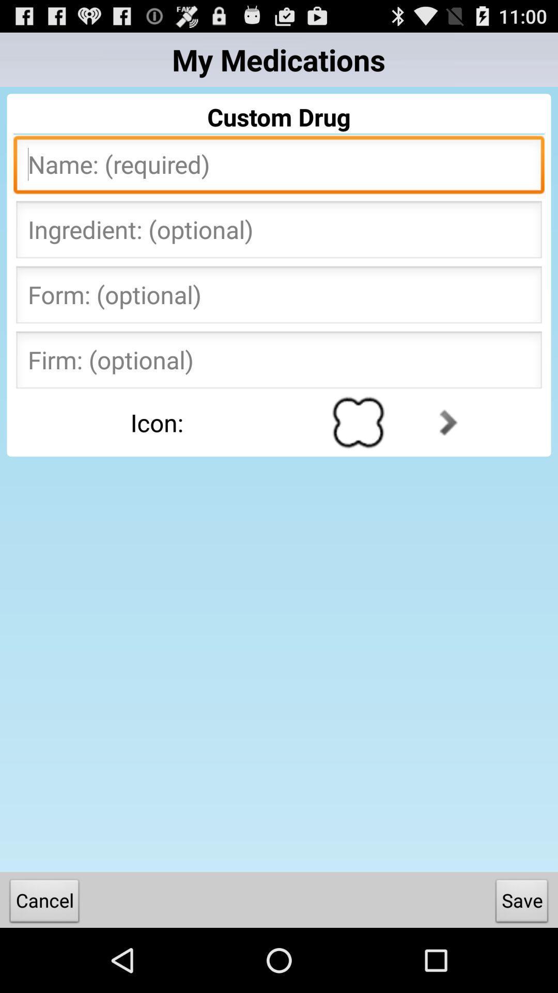 Image resolution: width=558 pixels, height=993 pixels. Describe the element at coordinates (44, 902) in the screenshot. I see `the cancel` at that location.